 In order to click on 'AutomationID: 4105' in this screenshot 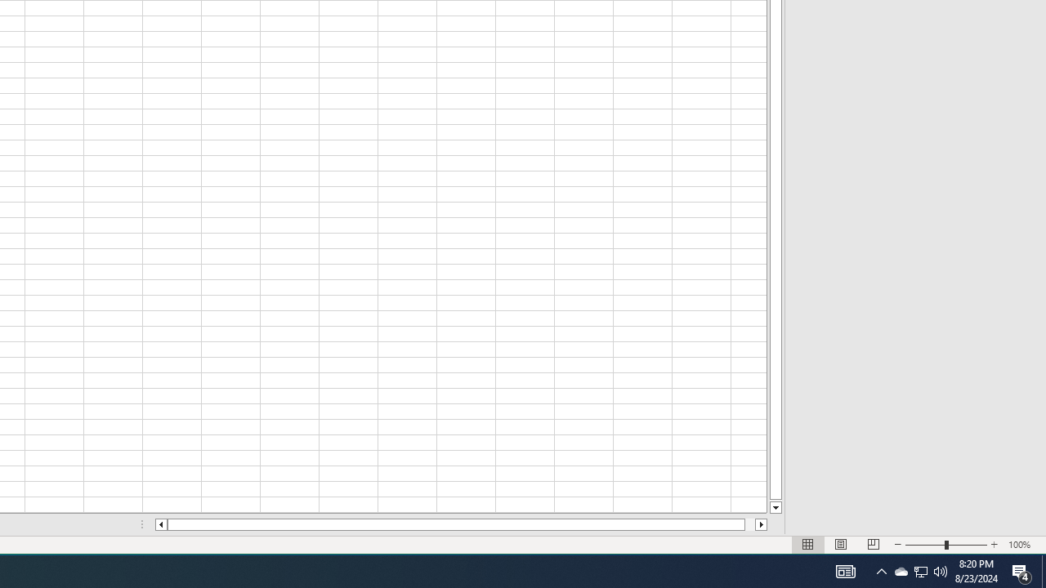, I will do `click(845, 570)`.